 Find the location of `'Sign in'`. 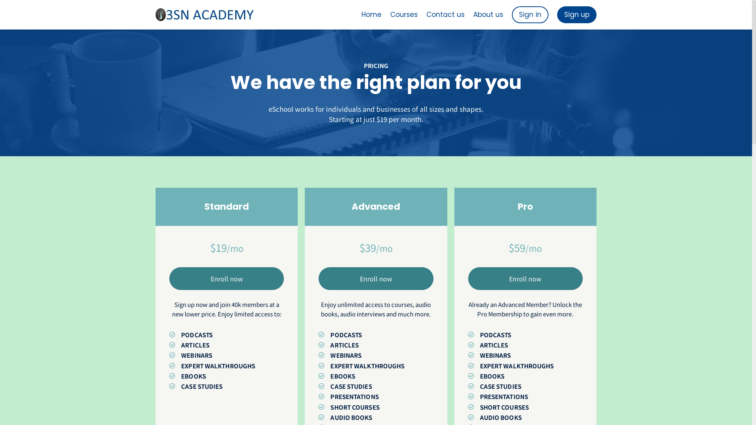

'Sign in' is located at coordinates (530, 15).